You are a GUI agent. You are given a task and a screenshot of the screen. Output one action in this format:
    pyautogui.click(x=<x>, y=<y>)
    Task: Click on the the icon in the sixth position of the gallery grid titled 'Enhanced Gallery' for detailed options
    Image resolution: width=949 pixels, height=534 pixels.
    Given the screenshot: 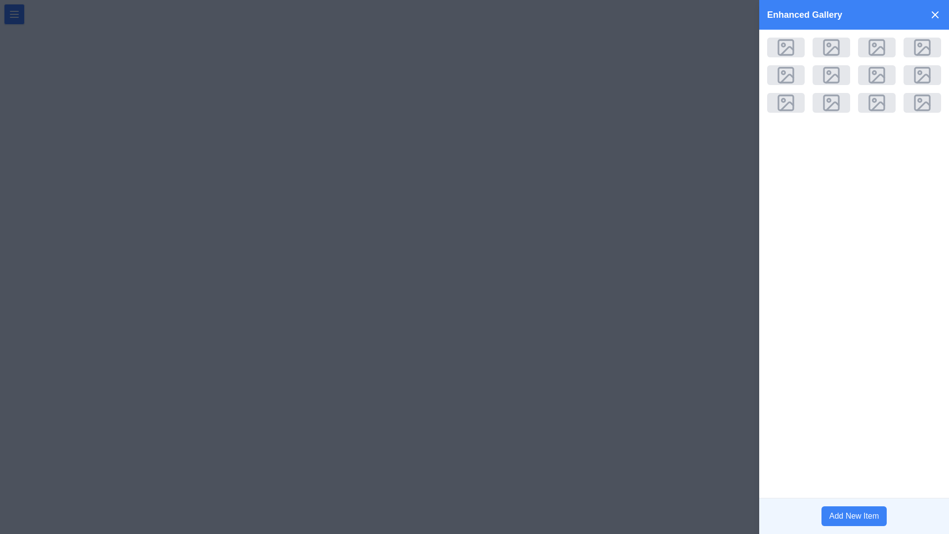 What is the action you would take?
    pyautogui.click(x=877, y=103)
    